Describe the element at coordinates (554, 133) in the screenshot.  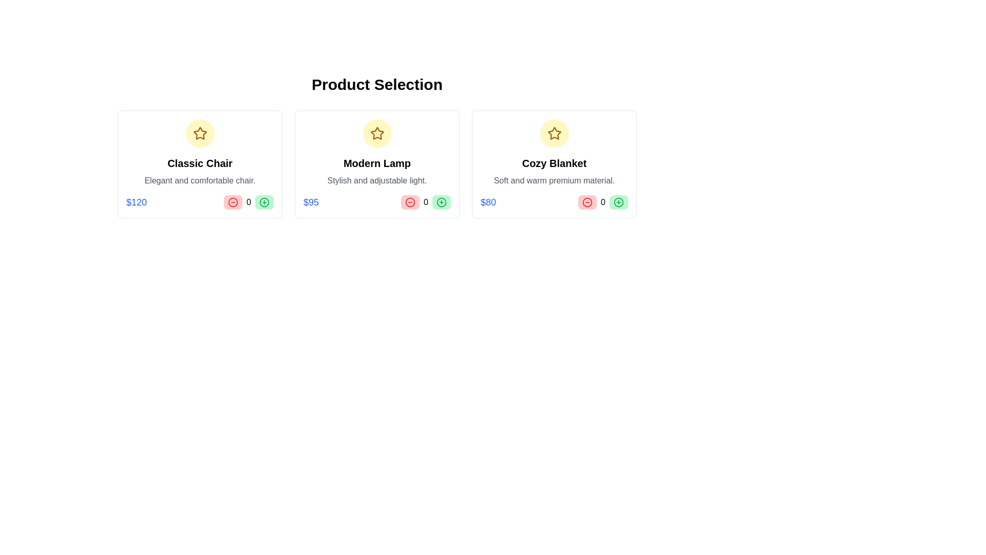
I see `the yellow star-shaped outline icon within the circular yellow badge on the 'Modern Lamp' card, located at the top of the card` at that location.